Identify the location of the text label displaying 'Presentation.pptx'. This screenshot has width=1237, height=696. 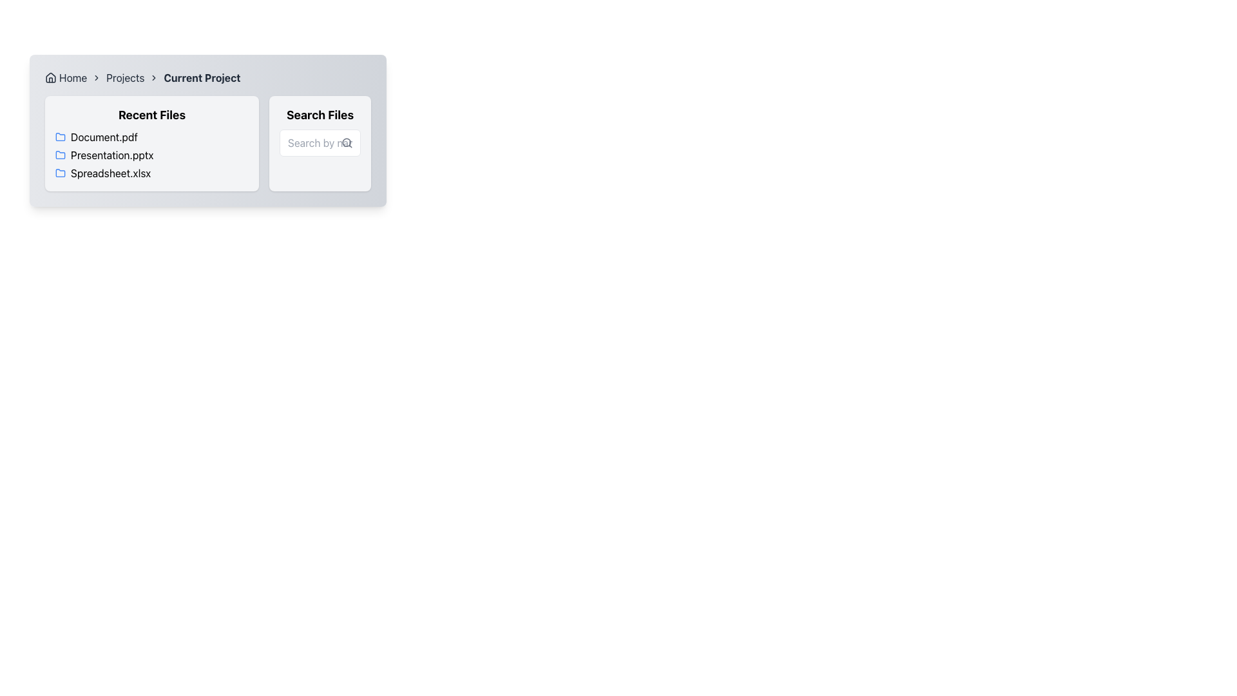
(112, 154).